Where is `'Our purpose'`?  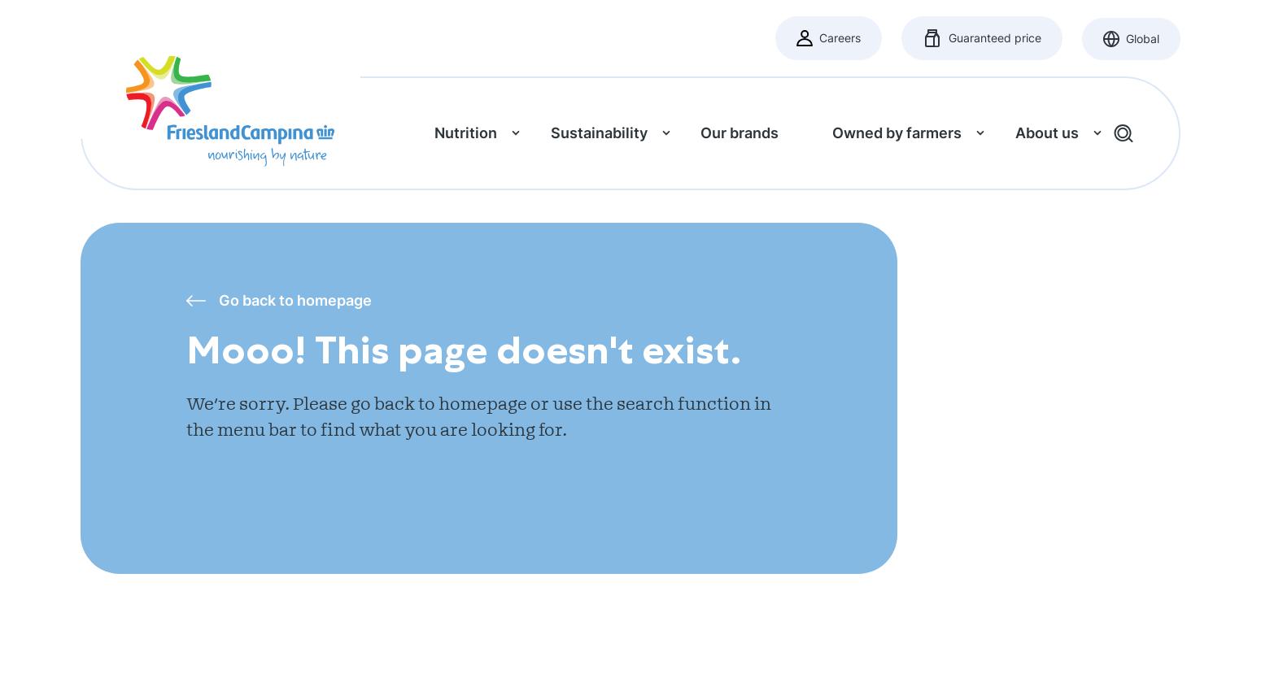
'Our purpose' is located at coordinates (1003, 240).